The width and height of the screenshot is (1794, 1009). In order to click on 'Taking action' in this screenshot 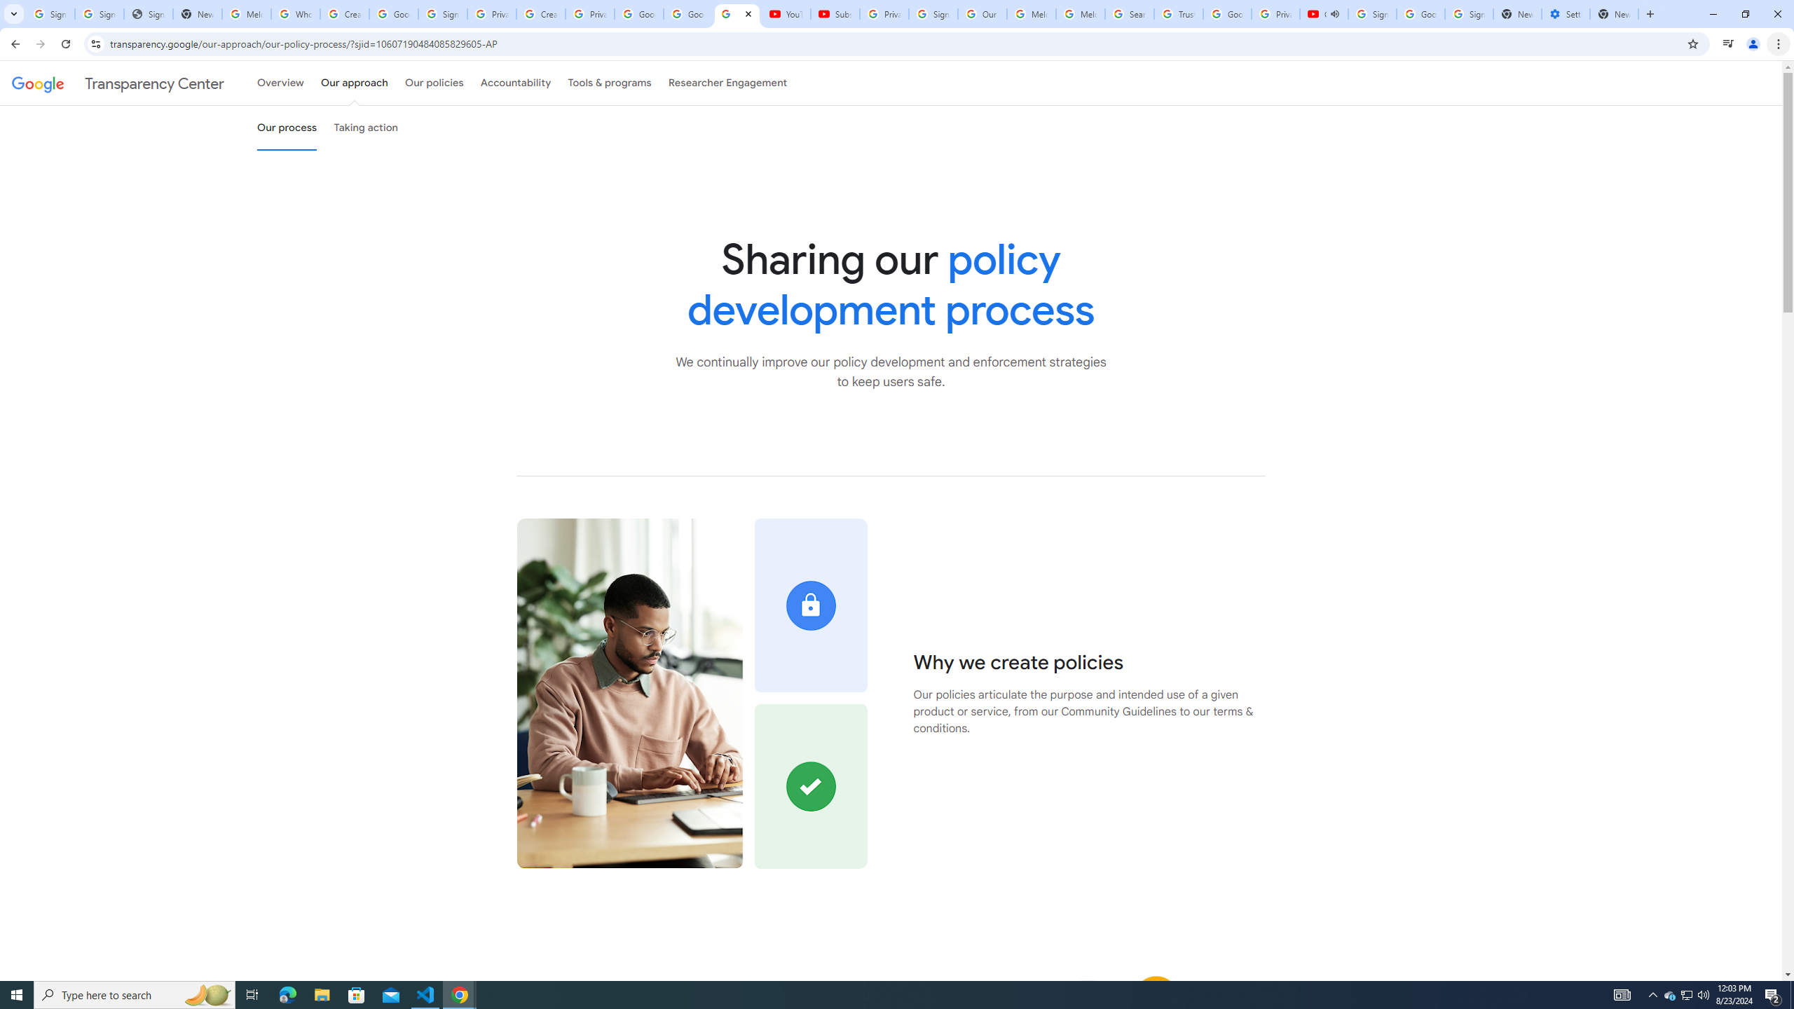, I will do `click(365, 127)`.